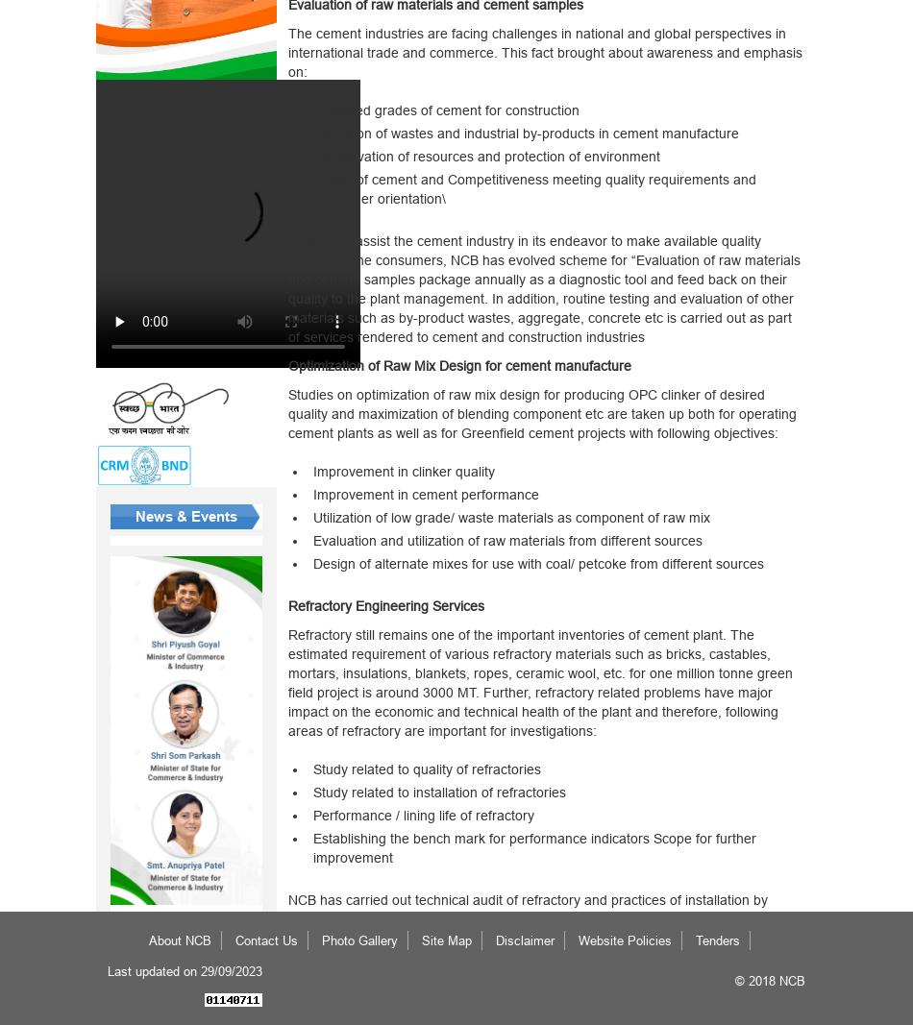 This screenshot has height=1025, width=913. I want to click on 'Study related to quality of refractories', so click(425, 768).